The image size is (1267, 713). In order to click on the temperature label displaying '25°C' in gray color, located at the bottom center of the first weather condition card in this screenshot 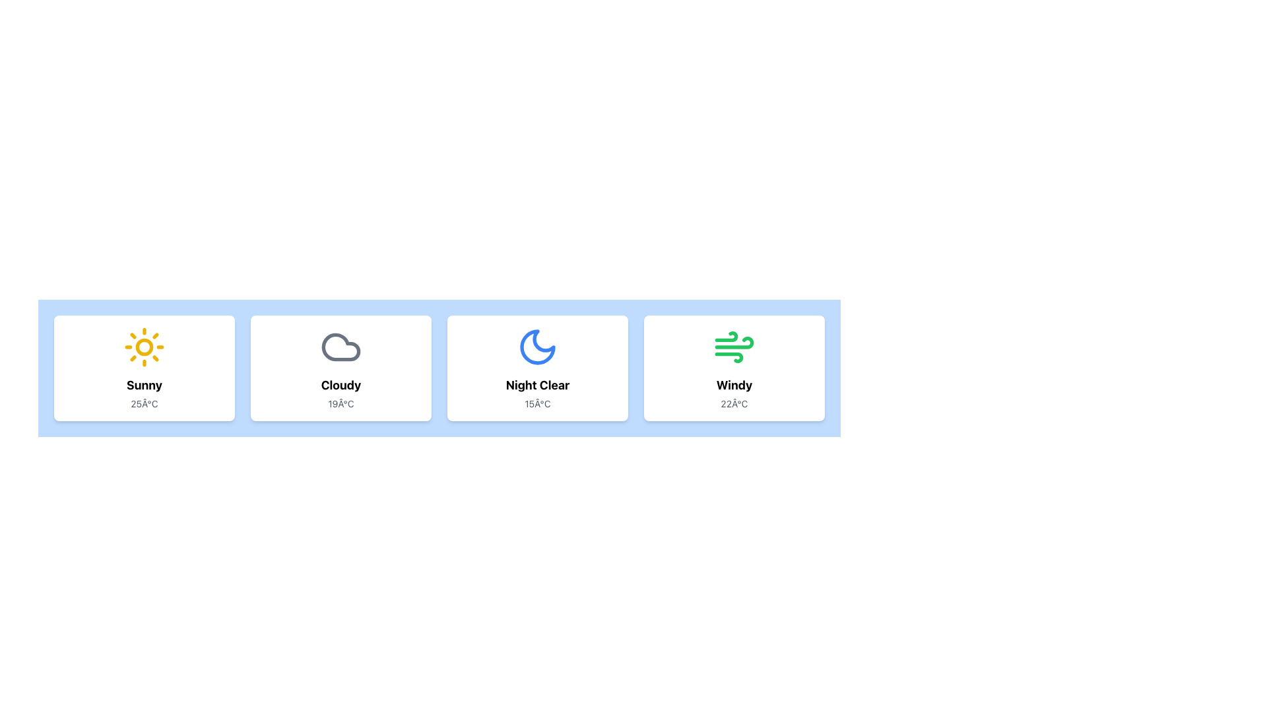, I will do `click(145, 403)`.